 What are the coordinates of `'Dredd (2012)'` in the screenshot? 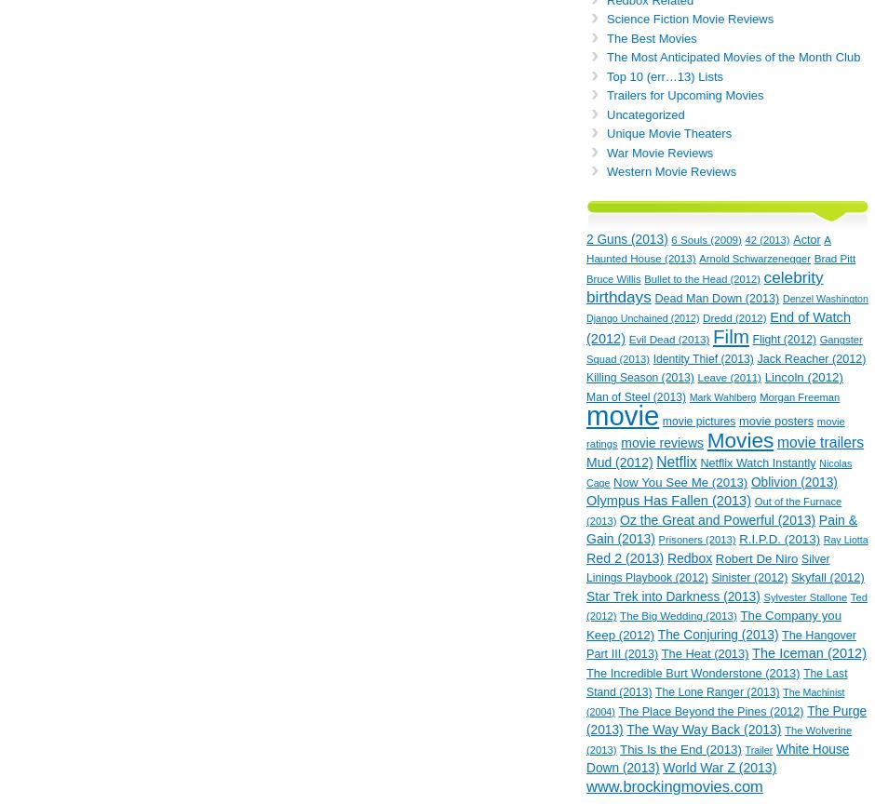 It's located at (734, 315).